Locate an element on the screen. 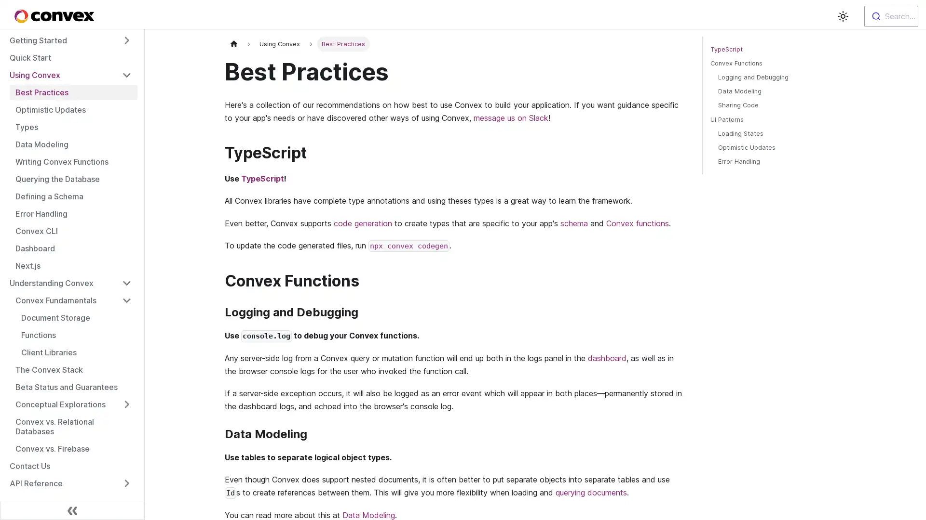 The width and height of the screenshot is (926, 520). Toggle the collapsible sidebar category 'Conceptual Explorations' is located at coordinates (126, 404).